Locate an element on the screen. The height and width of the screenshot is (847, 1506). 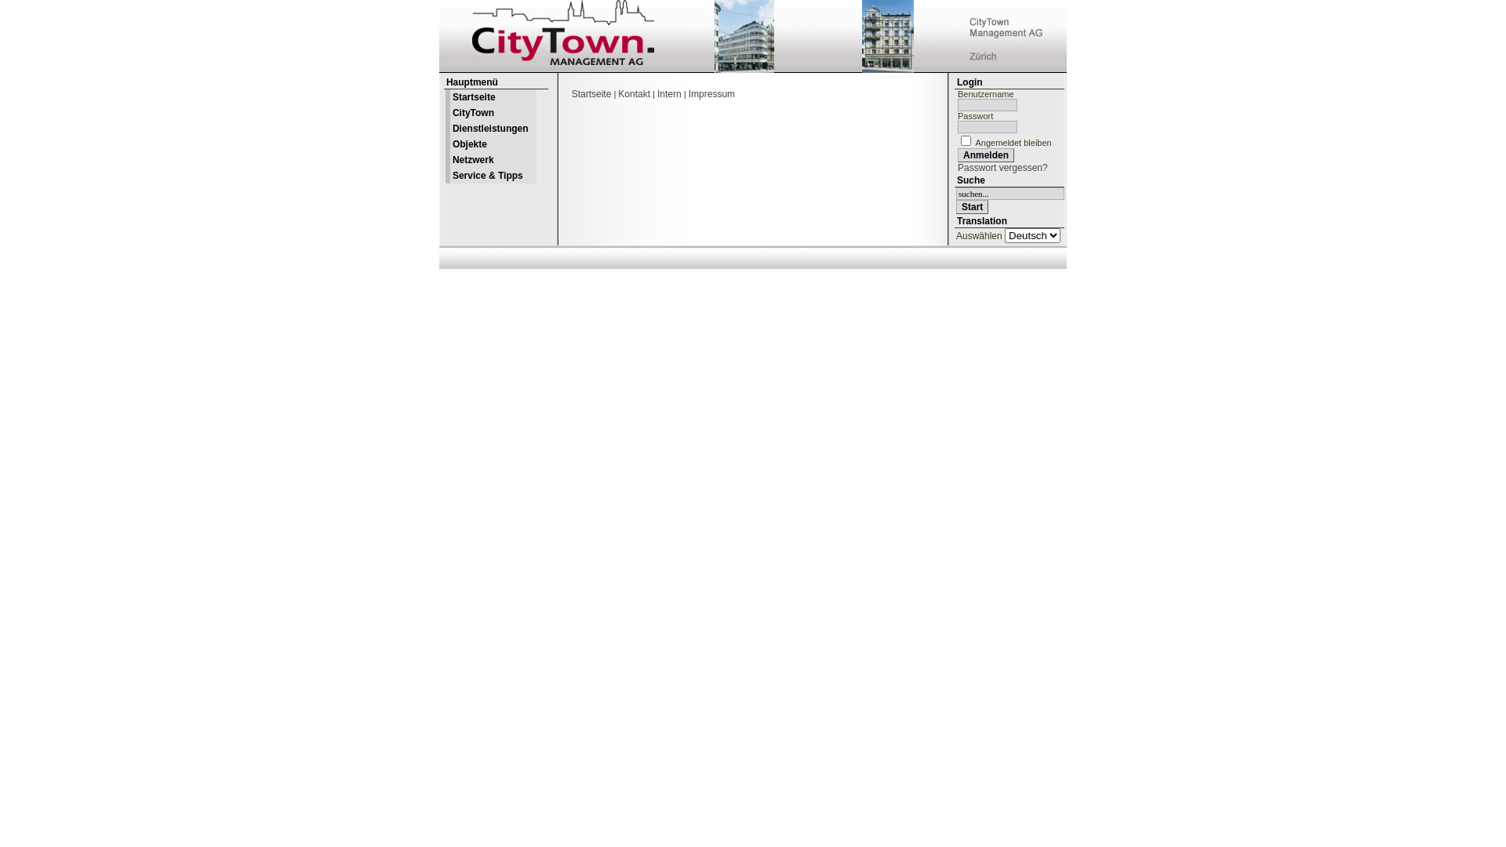
'Start' is located at coordinates (971, 205).